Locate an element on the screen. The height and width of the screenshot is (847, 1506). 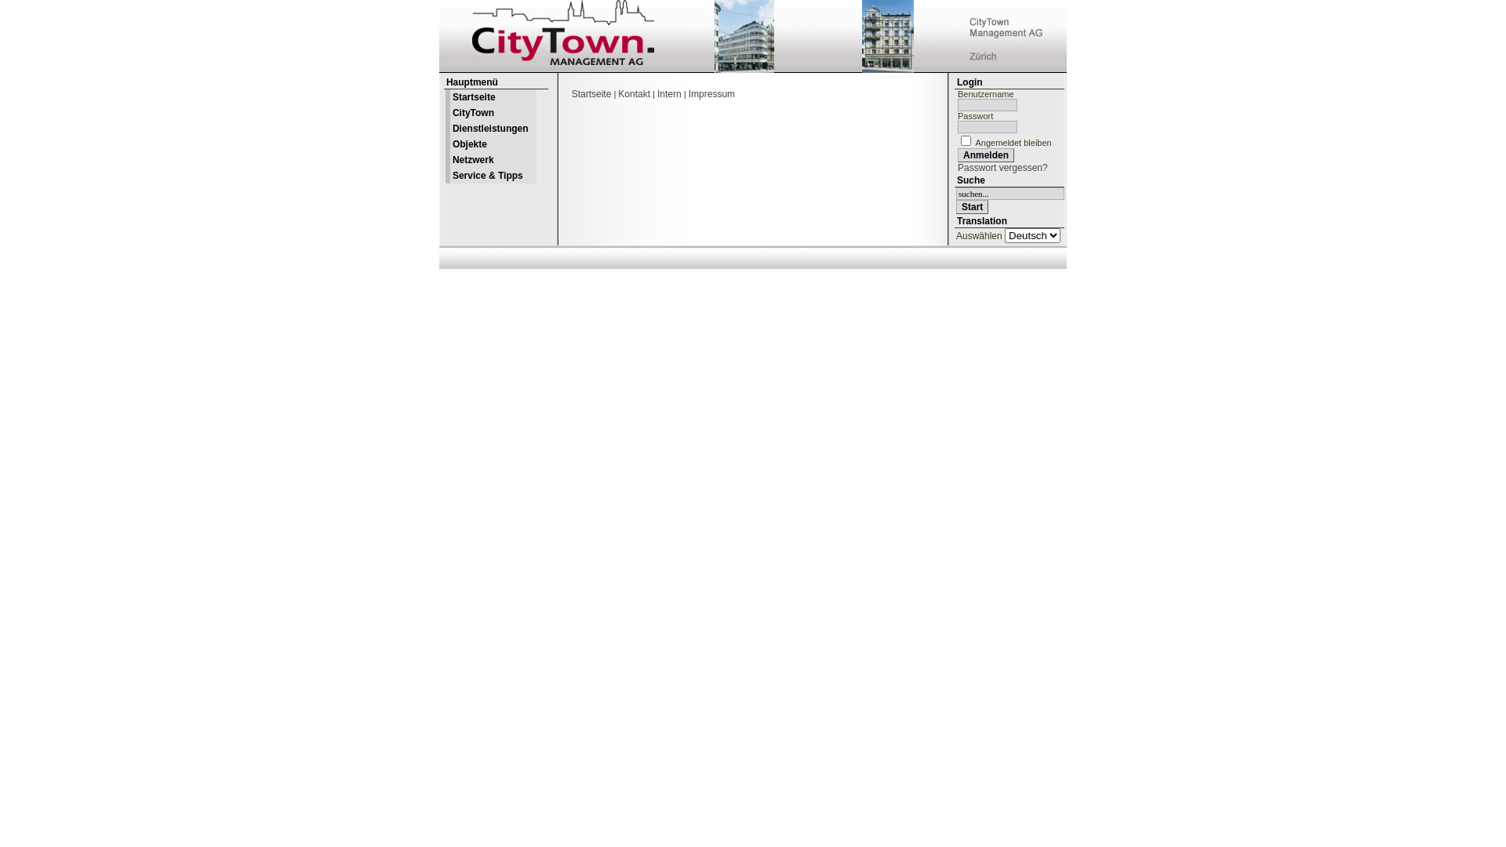
'Start' is located at coordinates (971, 205).